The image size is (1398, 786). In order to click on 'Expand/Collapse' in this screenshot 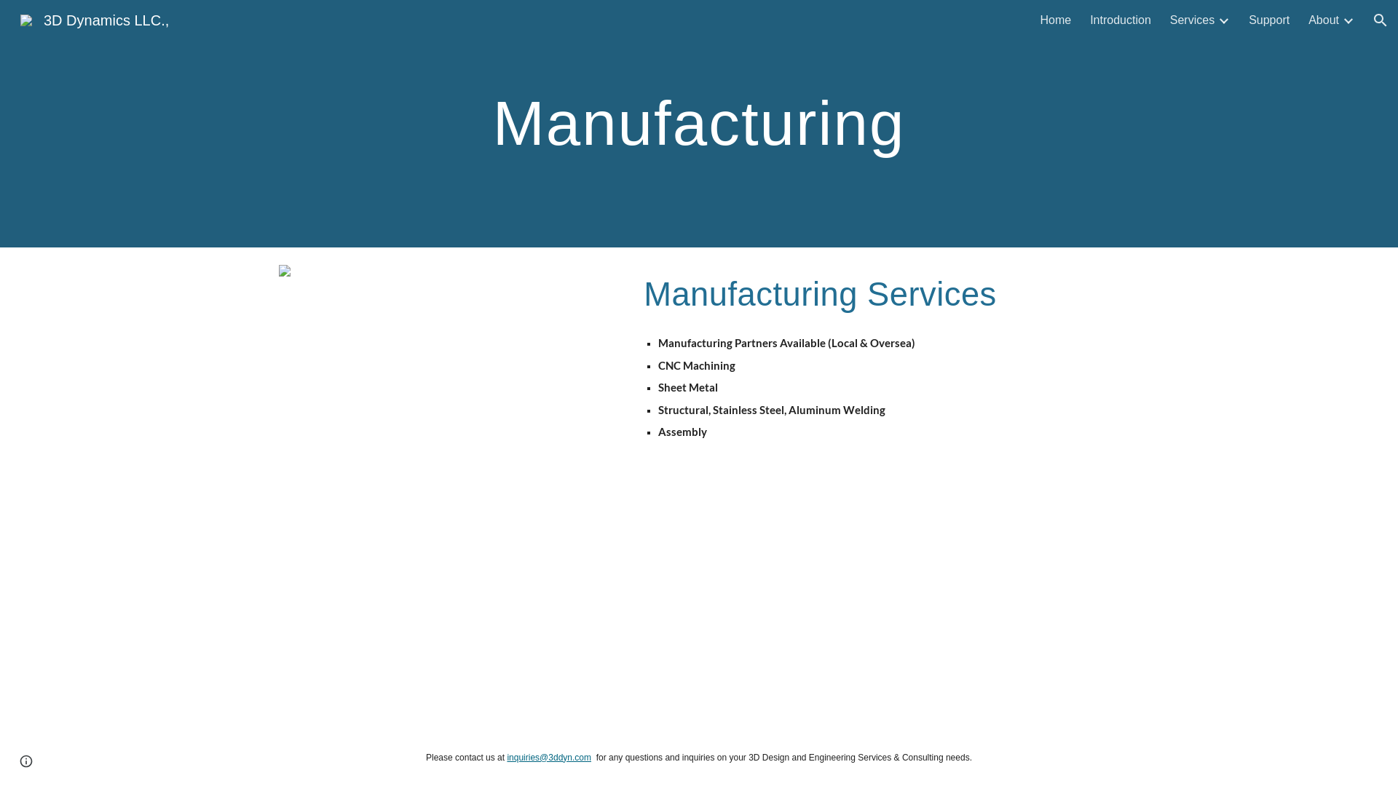, I will do `click(1347, 20)`.